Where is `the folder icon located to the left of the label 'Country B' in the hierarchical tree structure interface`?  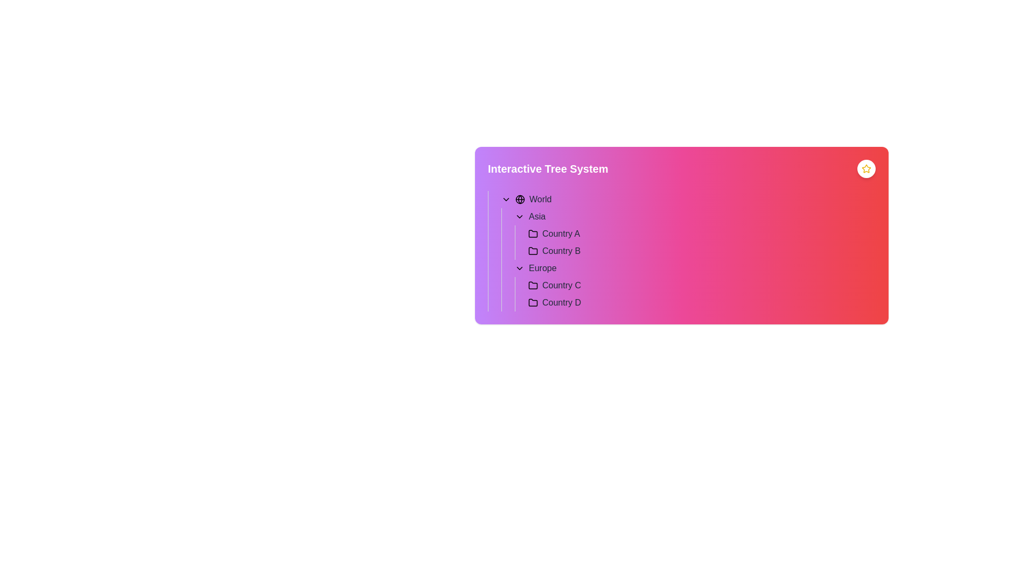
the folder icon located to the left of the label 'Country B' in the hierarchical tree structure interface is located at coordinates (533, 251).